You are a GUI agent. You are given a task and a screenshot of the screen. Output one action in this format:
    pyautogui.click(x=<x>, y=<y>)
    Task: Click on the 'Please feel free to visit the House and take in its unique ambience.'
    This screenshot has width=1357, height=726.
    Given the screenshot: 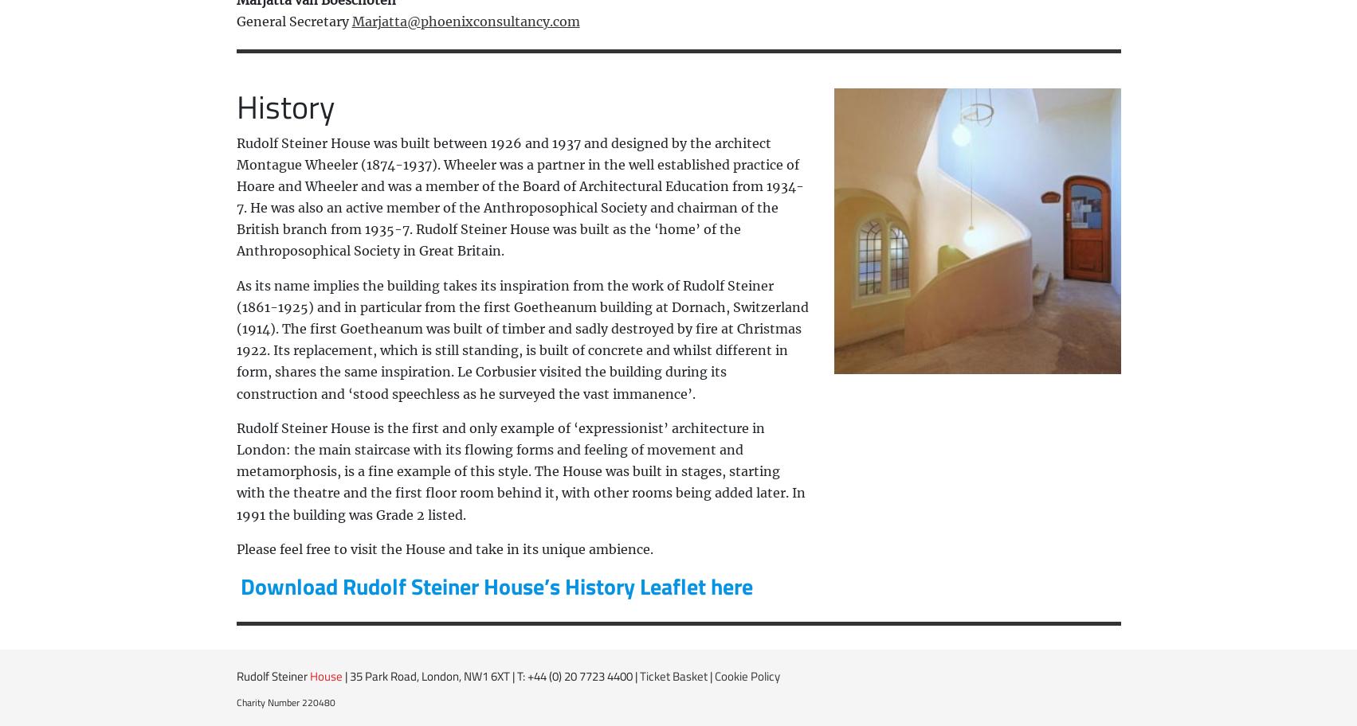 What is the action you would take?
    pyautogui.click(x=234, y=548)
    